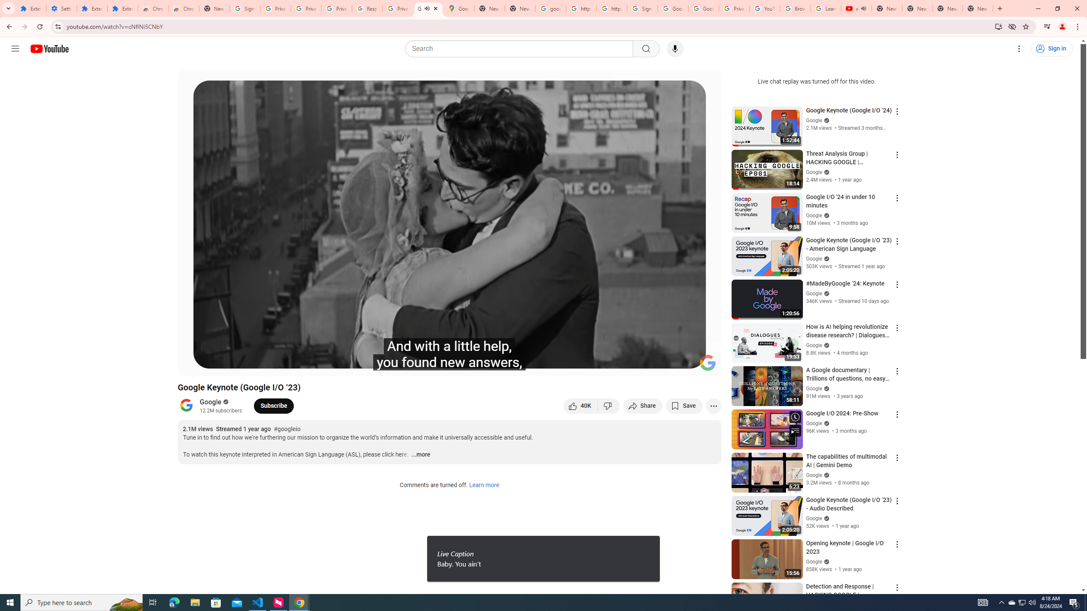  Describe the element at coordinates (192, 366) in the screenshot. I see `'Play (k)'` at that location.